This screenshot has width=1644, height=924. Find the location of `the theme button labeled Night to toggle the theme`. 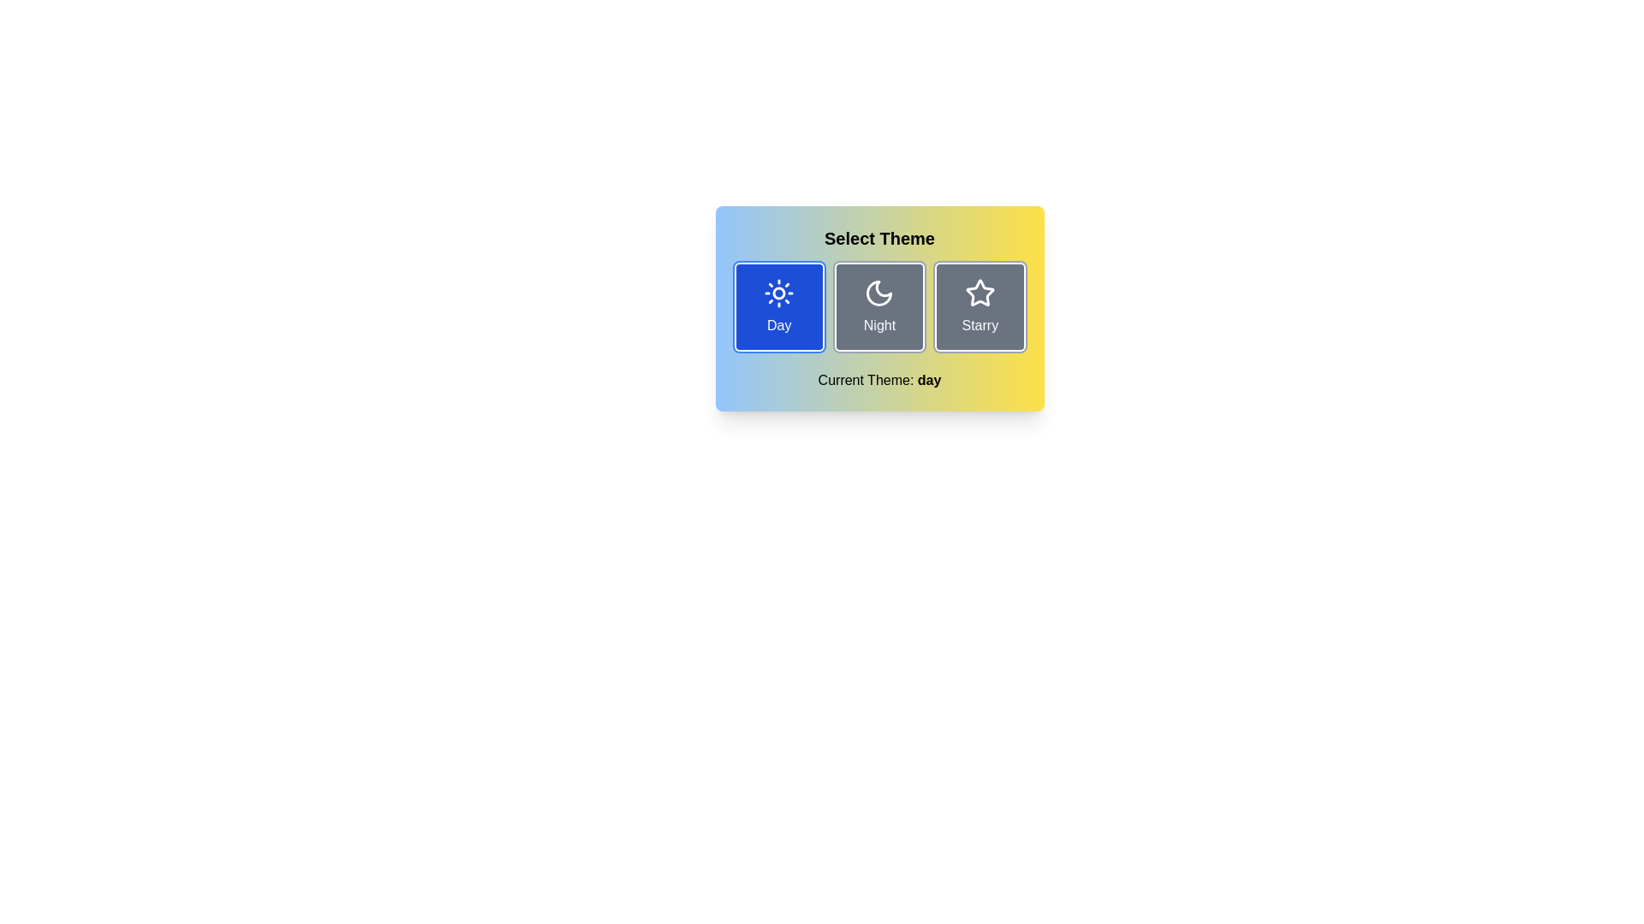

the theme button labeled Night to toggle the theme is located at coordinates (879, 305).